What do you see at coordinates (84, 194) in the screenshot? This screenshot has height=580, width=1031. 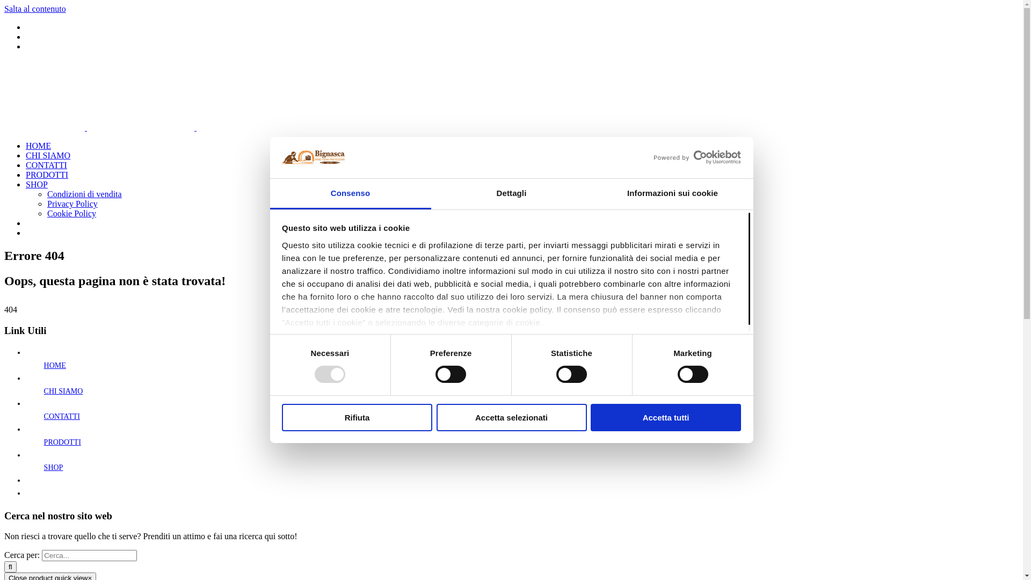 I see `'Condizioni di vendita'` at bounding box center [84, 194].